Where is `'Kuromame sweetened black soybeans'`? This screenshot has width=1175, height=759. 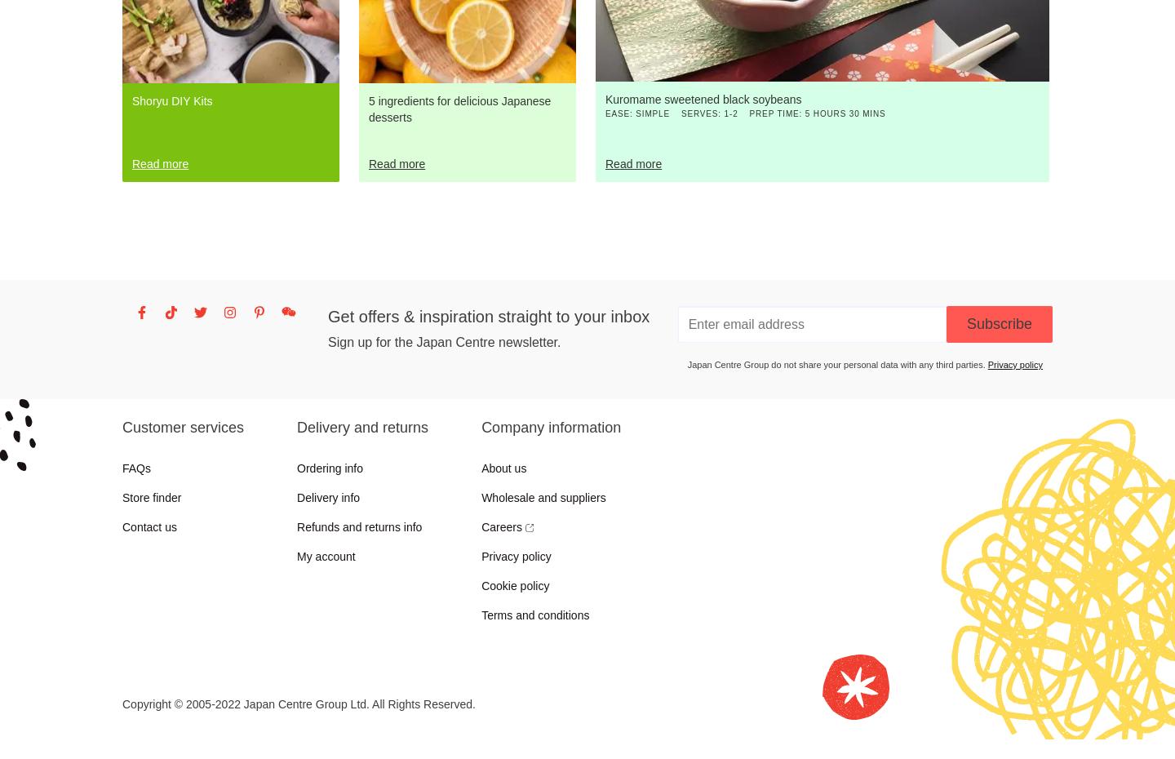
'Kuromame sweetened black soybeans' is located at coordinates (702, 100).